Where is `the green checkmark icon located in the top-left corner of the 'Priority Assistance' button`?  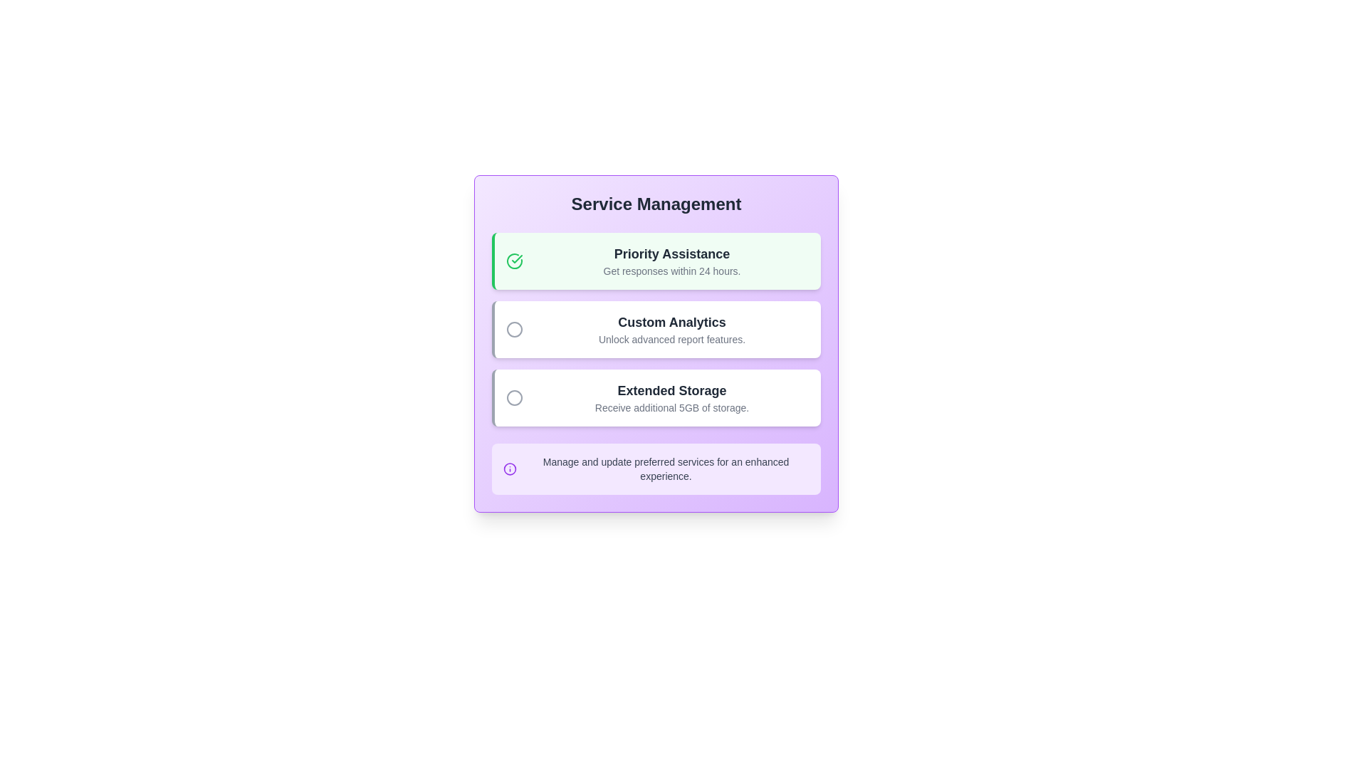
the green checkmark icon located in the top-left corner of the 'Priority Assistance' button is located at coordinates (514, 261).